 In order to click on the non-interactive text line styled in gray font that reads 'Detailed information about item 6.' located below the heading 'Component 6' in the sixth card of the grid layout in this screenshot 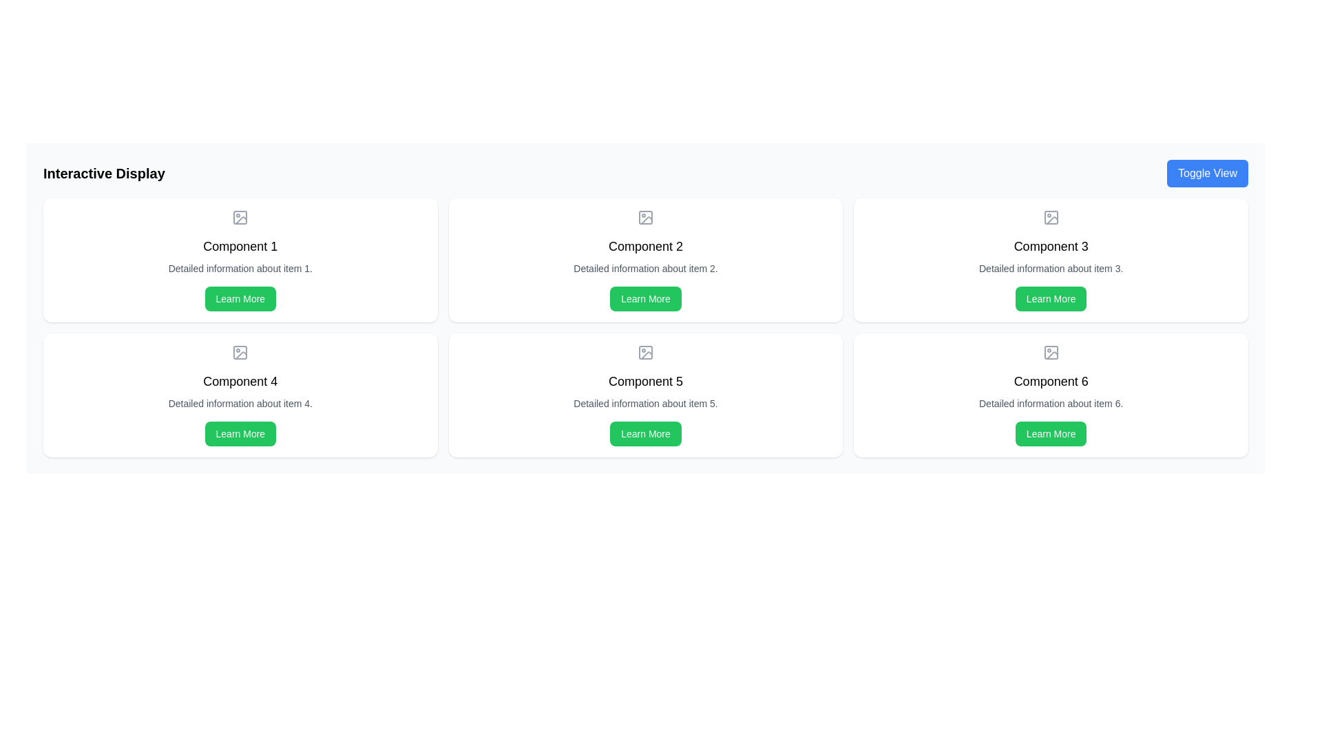, I will do `click(1050, 403)`.